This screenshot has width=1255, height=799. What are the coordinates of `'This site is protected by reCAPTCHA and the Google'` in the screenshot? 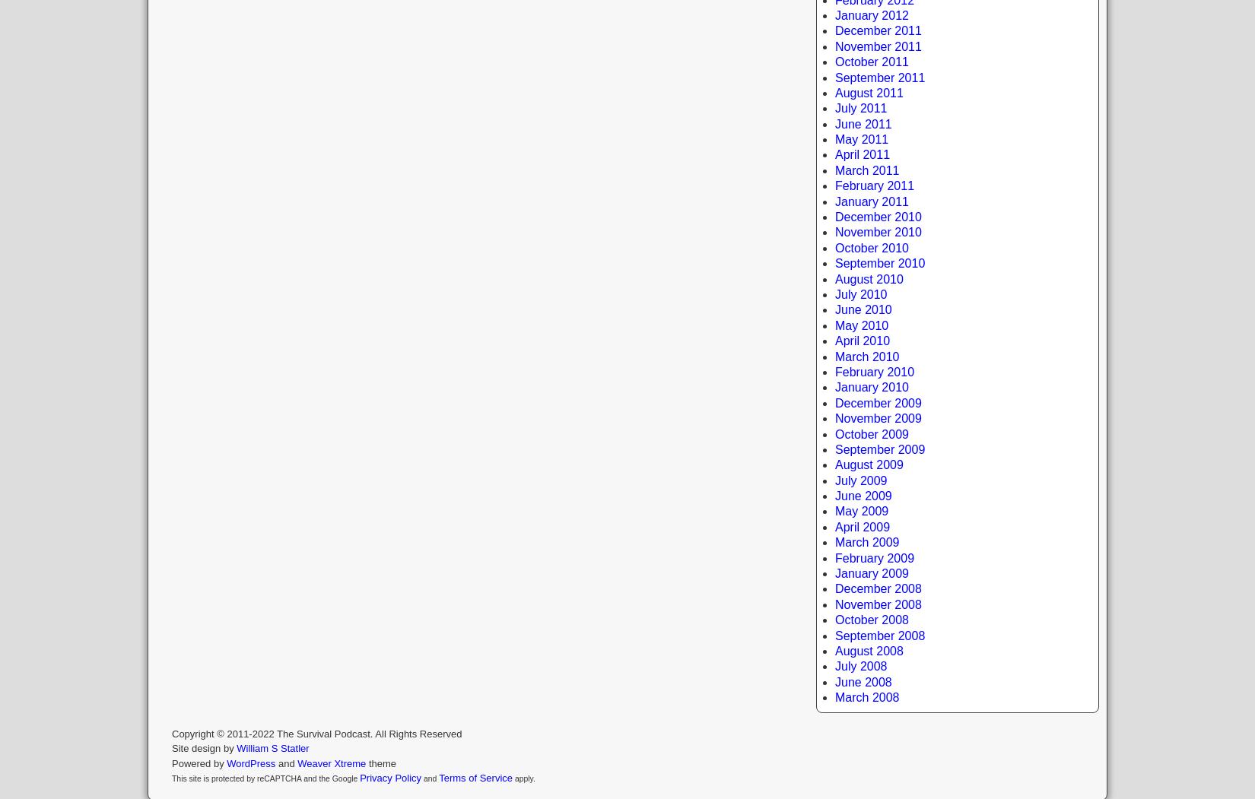 It's located at (265, 778).